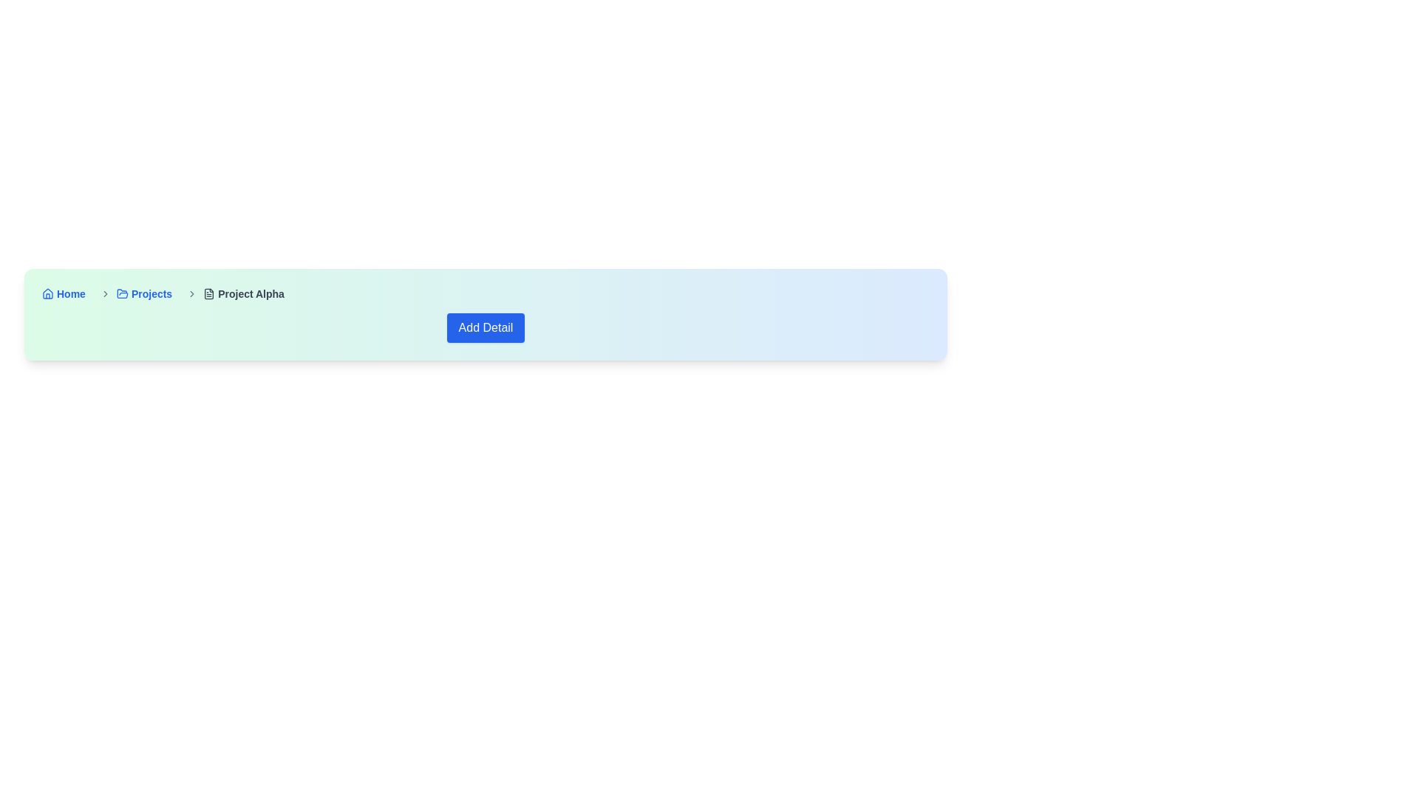 The width and height of the screenshot is (1419, 798). What do you see at coordinates (208, 293) in the screenshot?
I see `the document icon representing 'Project Alpha' located in the breadcrumb section before the text 'Project Alpha'` at bounding box center [208, 293].